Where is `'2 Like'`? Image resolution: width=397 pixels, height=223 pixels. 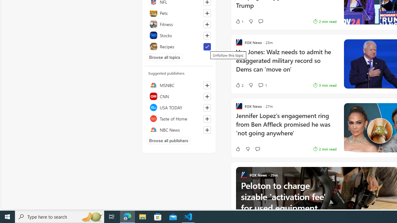 '2 Like' is located at coordinates (239, 85).